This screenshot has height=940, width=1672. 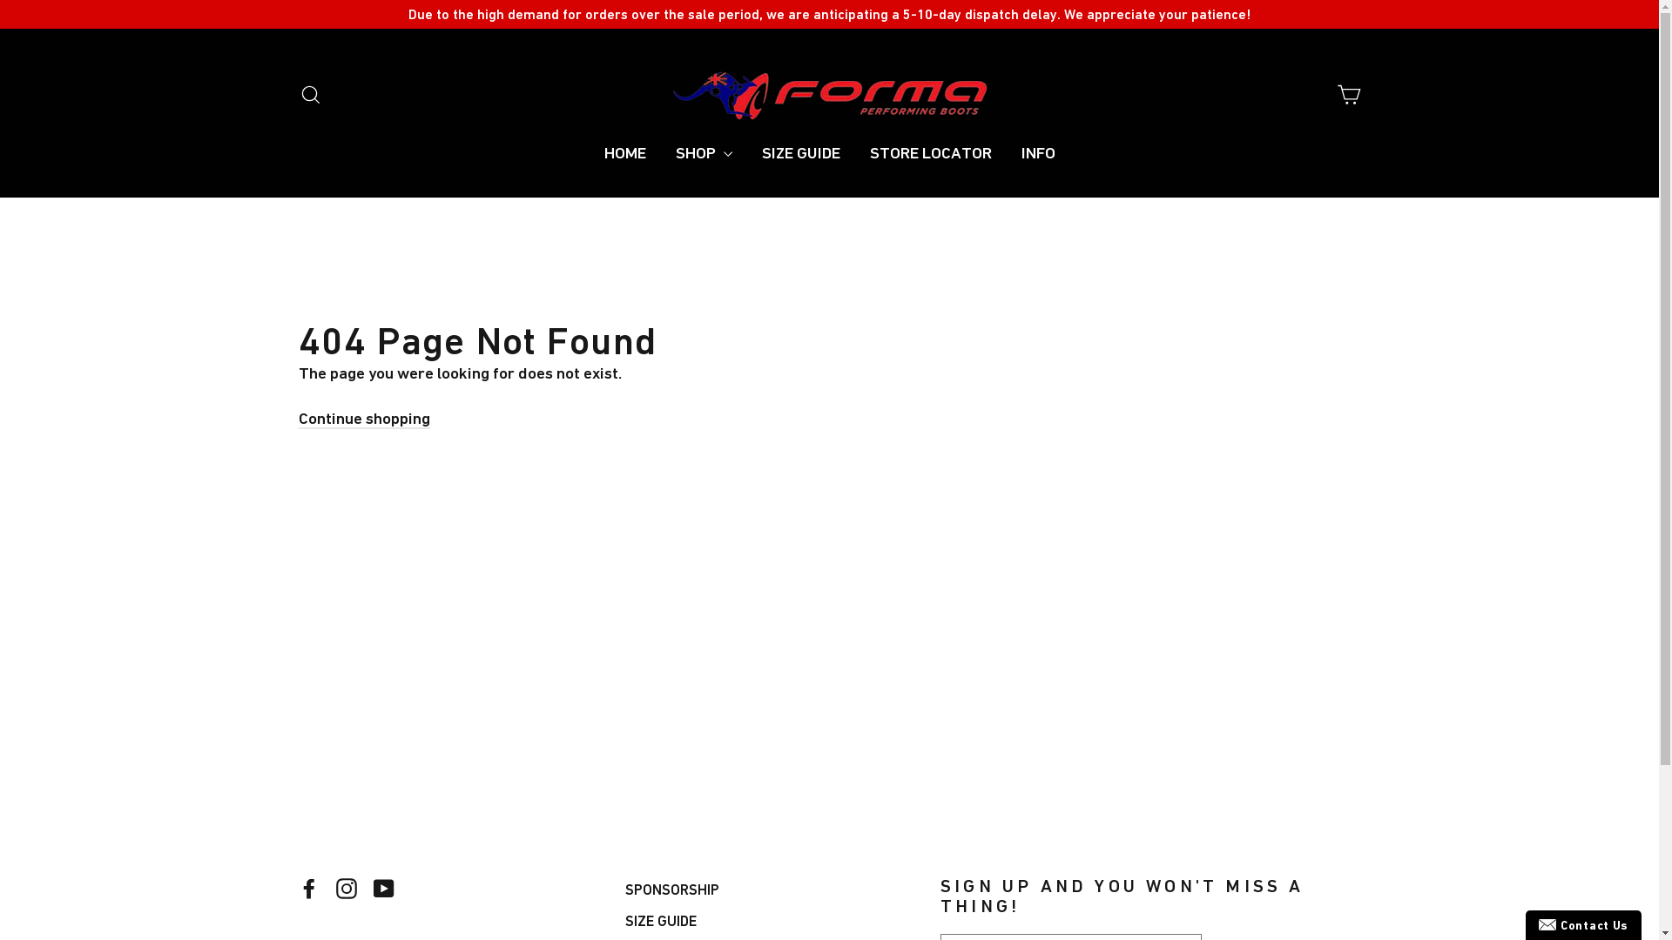 I want to click on 'HOME', so click(x=624, y=152).